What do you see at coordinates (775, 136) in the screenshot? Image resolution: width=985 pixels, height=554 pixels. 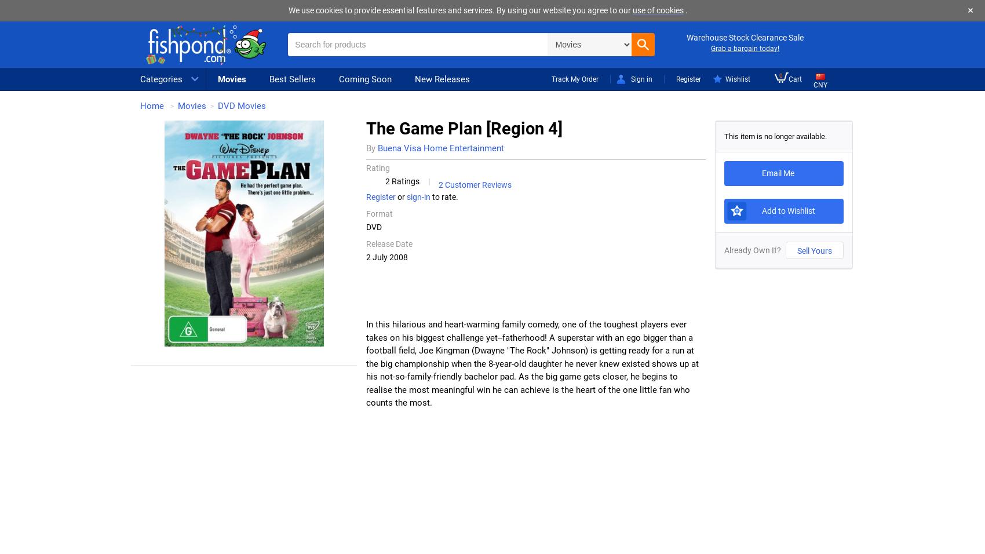 I see `'This item is no longer available.'` at bounding box center [775, 136].